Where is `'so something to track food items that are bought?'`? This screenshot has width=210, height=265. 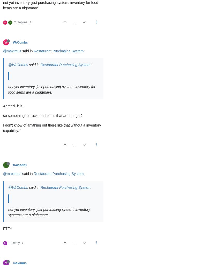
'so something to track food items that are bought?' is located at coordinates (43, 115).